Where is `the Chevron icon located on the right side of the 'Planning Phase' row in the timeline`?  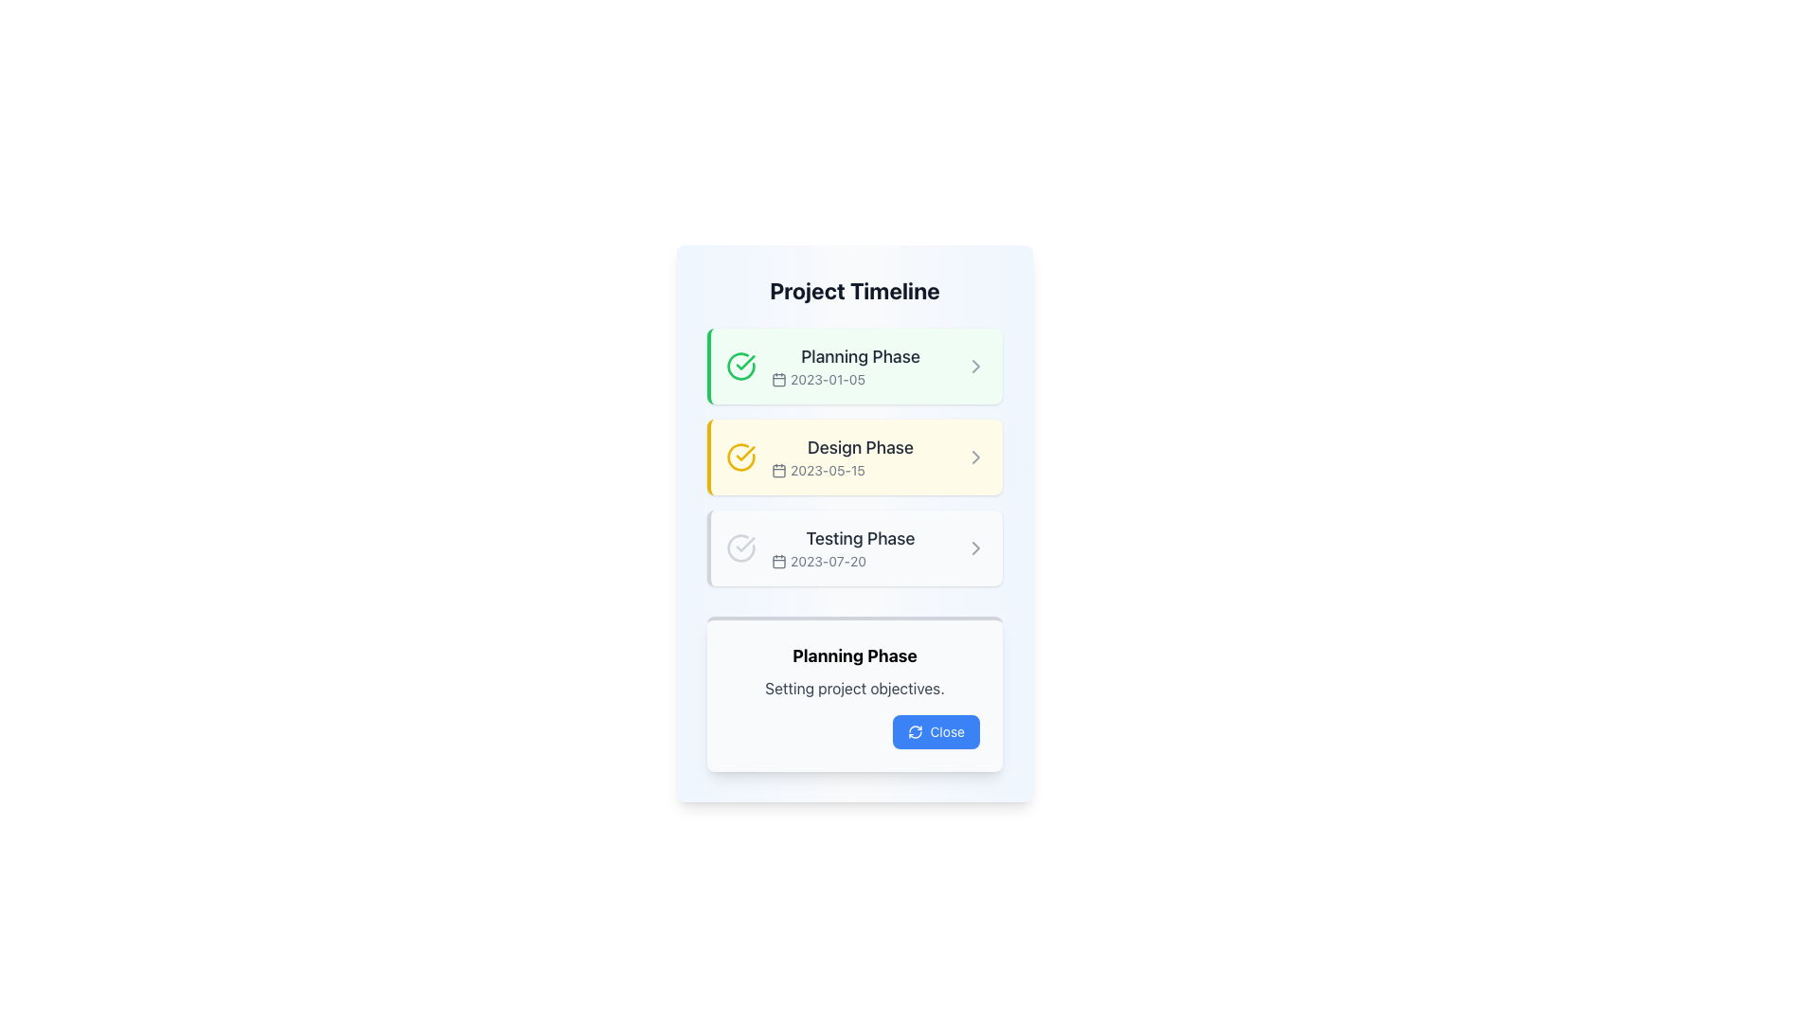 the Chevron icon located on the right side of the 'Planning Phase' row in the timeline is located at coordinates (976, 366).